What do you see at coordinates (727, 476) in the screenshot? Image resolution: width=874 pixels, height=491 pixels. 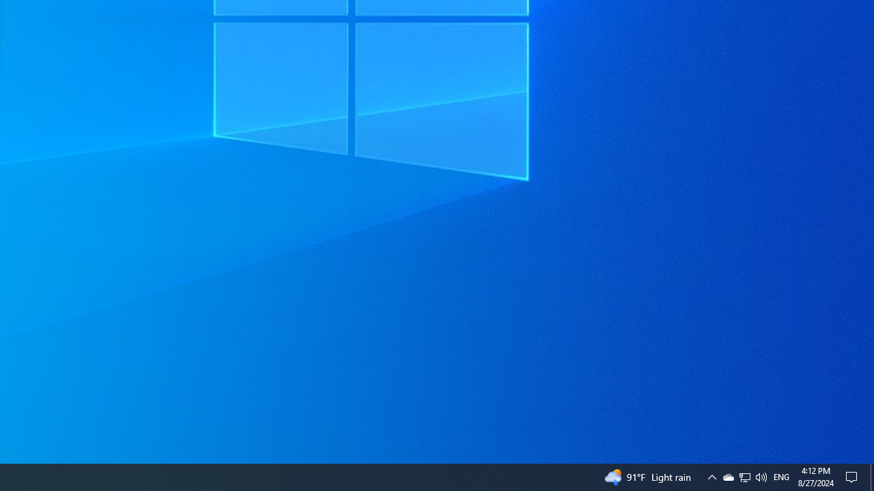 I see `'Q2790: 100%'` at bounding box center [727, 476].